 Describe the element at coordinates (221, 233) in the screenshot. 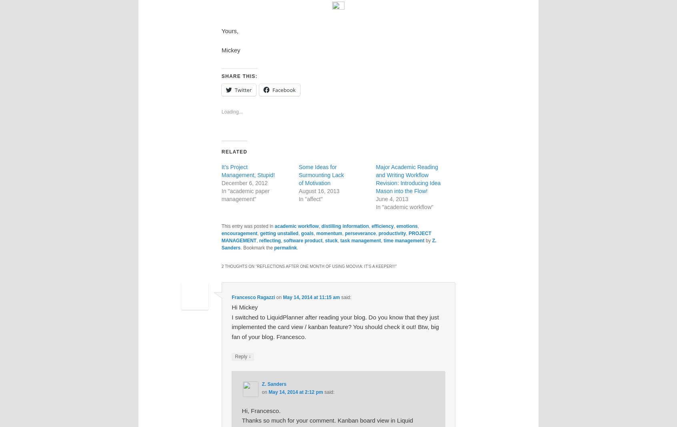

I see `'encouragement'` at that location.